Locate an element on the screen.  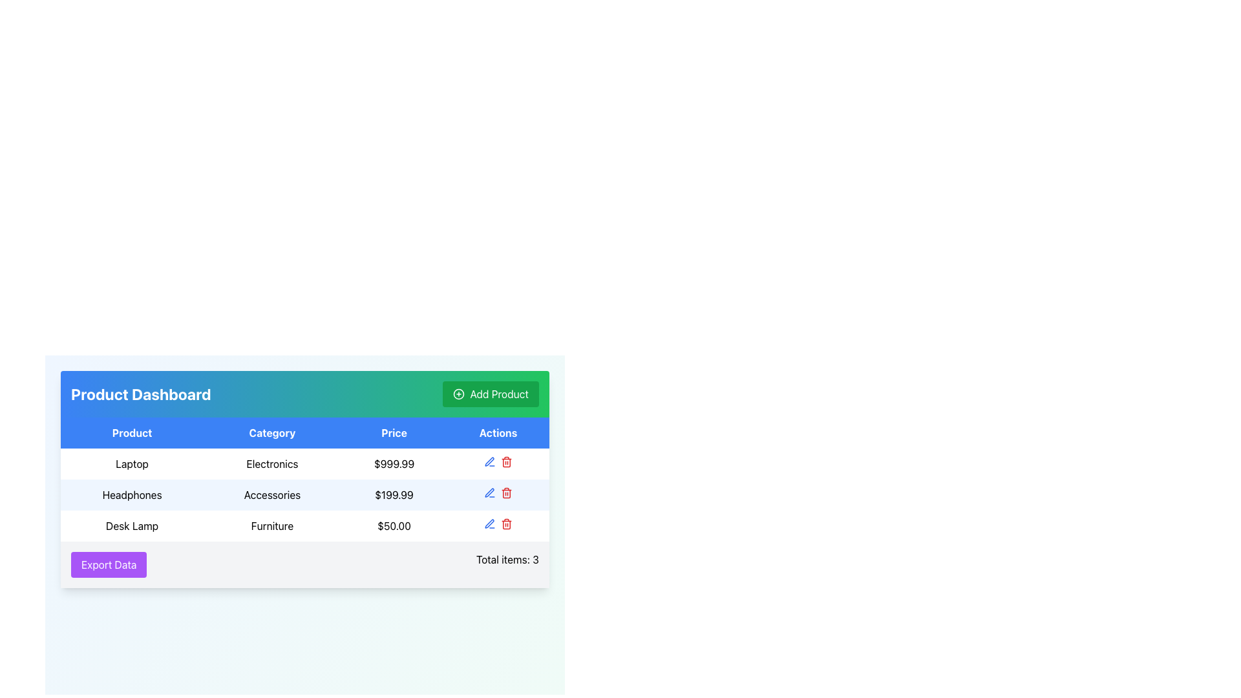
the text element displaying 'Electronics' in the second column of the data table, which is aligned with the 'Laptop' entry in the 'Product' column is located at coordinates (271, 463).